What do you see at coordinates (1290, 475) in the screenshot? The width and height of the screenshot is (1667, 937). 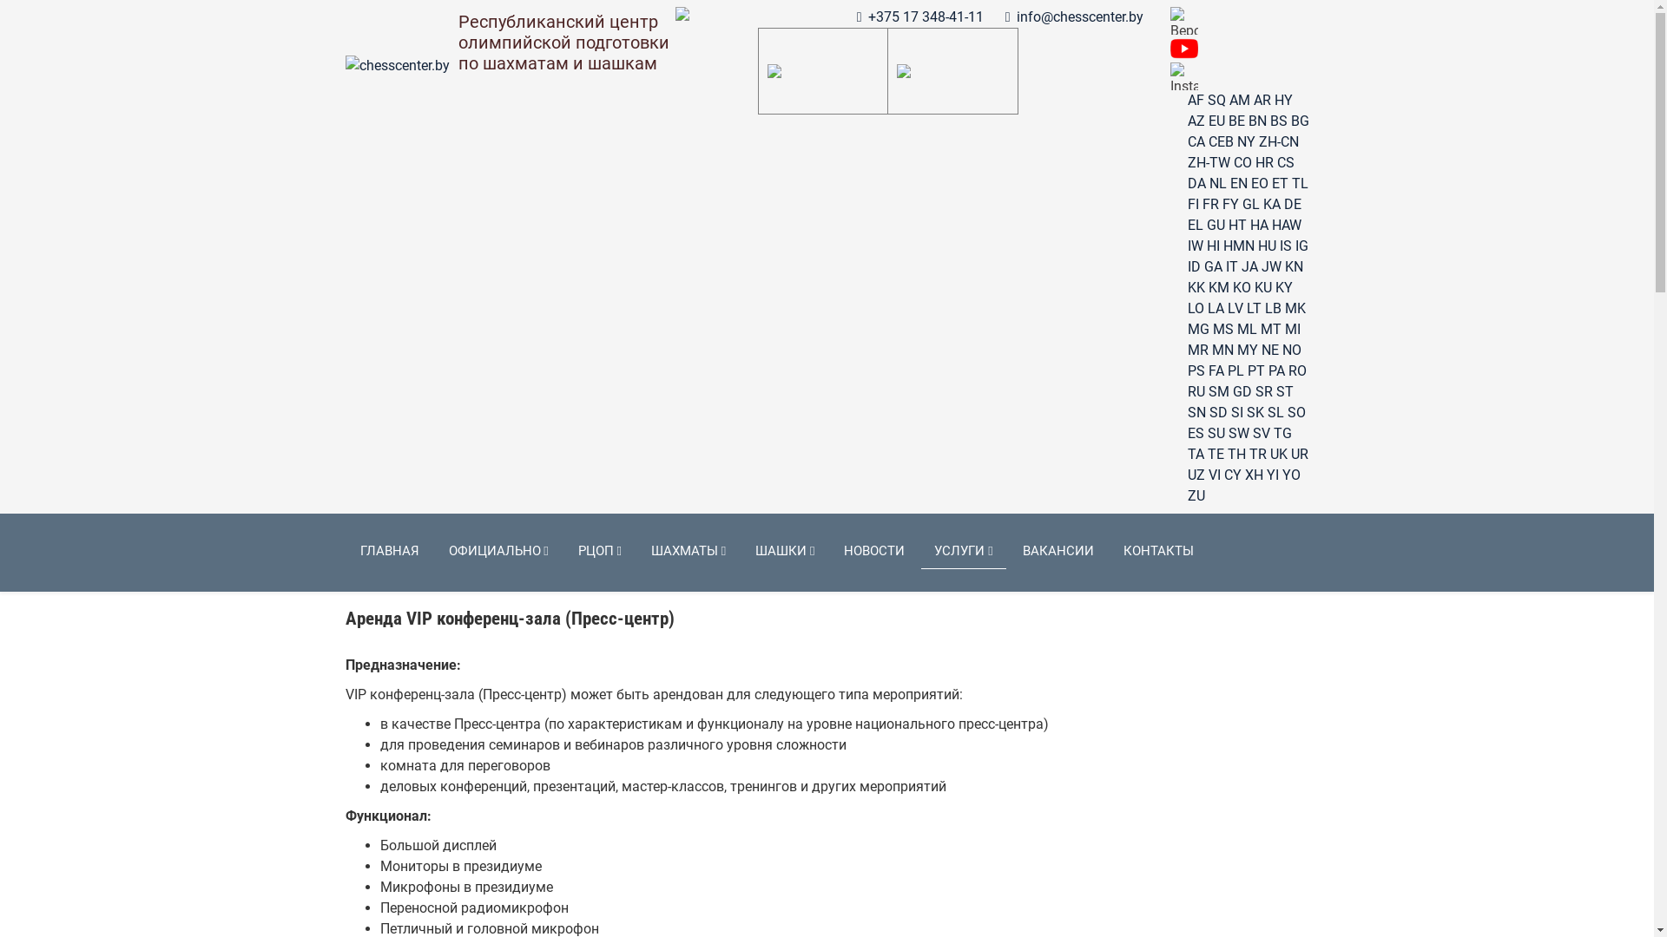 I see `'YO'` at bounding box center [1290, 475].